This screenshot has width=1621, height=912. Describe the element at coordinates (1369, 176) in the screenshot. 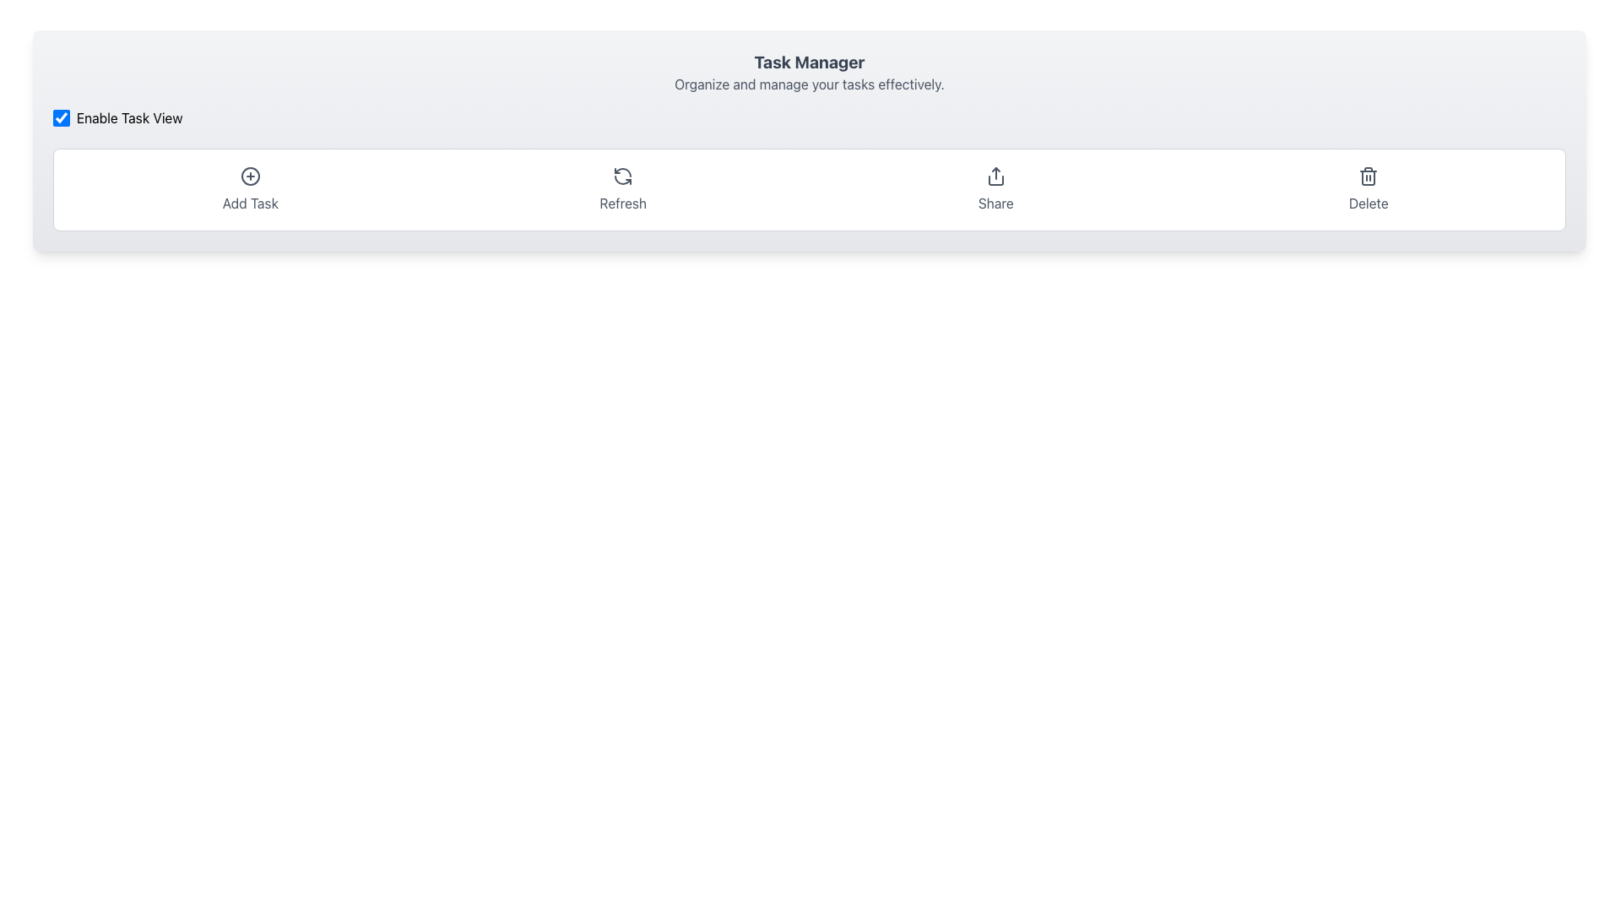

I see `the trash can icon button located at the right end of the horizontal button row` at that location.